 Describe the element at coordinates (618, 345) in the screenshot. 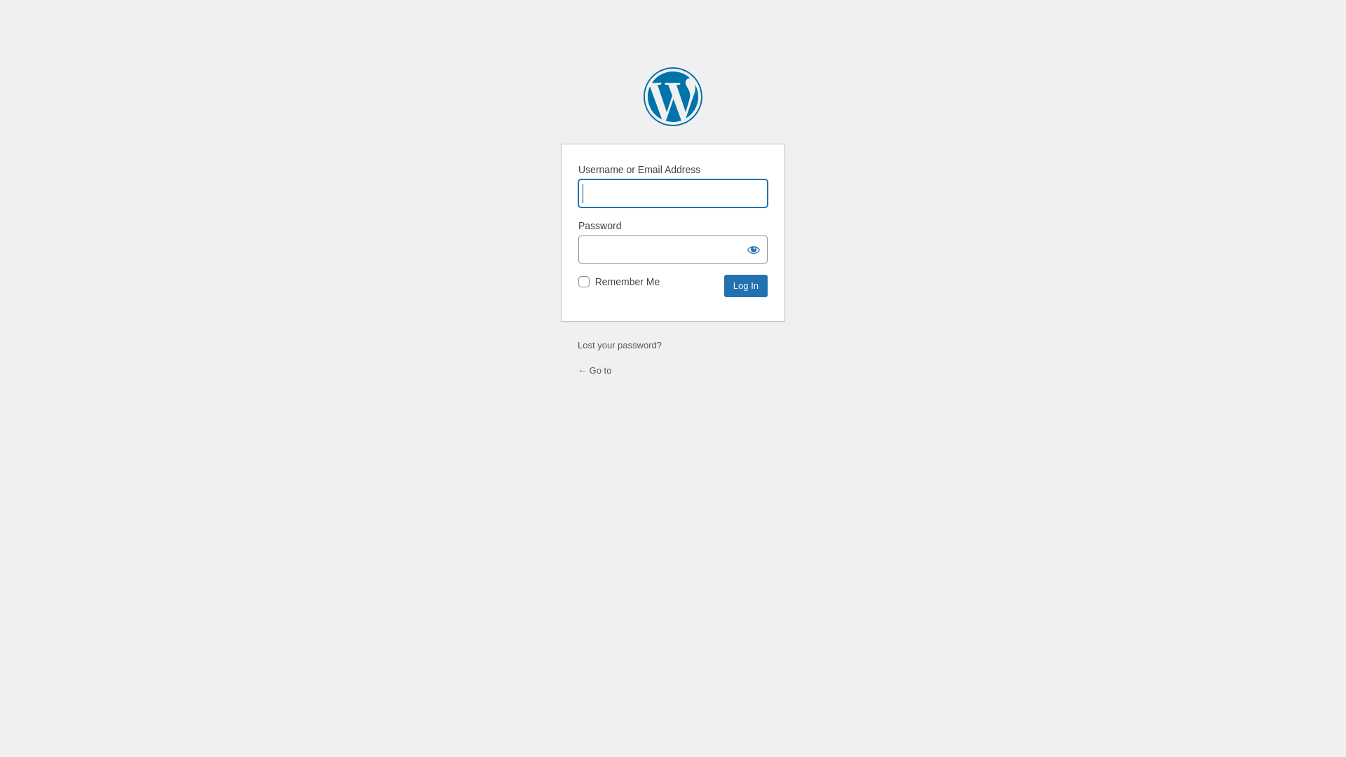

I see `'Lost your password?'` at that location.